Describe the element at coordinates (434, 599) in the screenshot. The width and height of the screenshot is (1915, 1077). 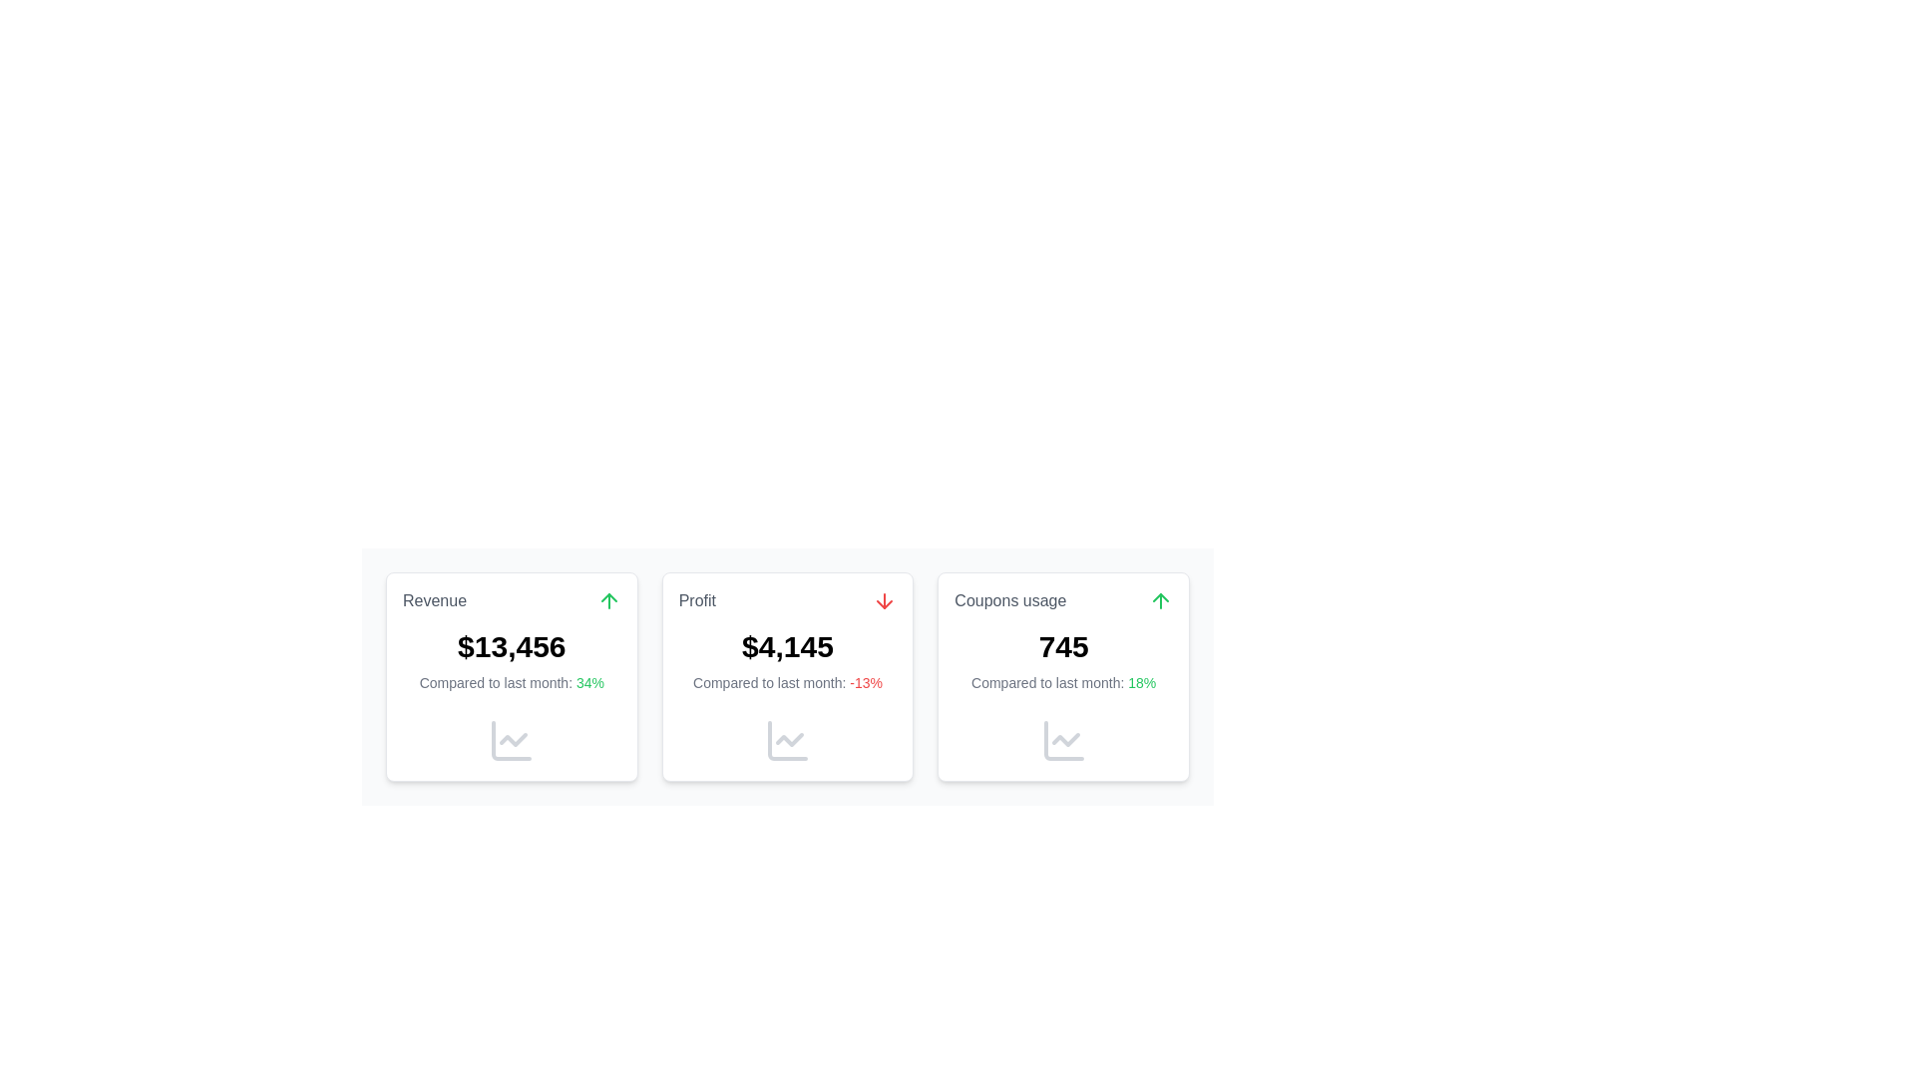
I see `the static text label that displays the word 'Revenue' in medium gray font, located at the top-left corner of the first card in a row of three cards` at that location.